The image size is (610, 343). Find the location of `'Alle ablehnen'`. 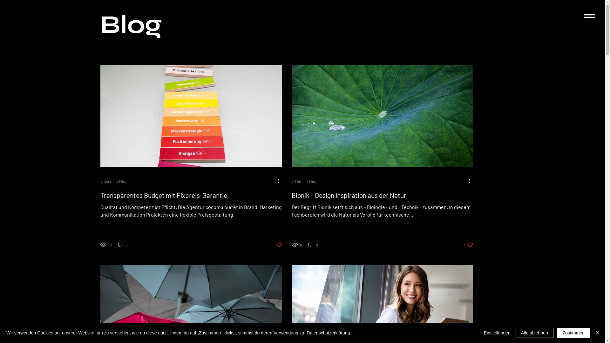

'Alle ablehnen' is located at coordinates (534, 333).